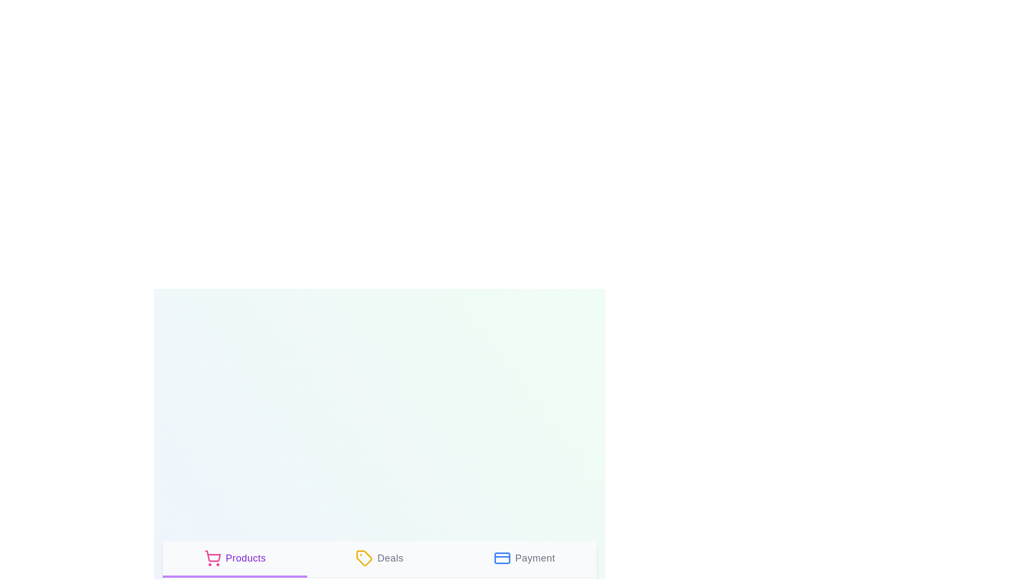 The height and width of the screenshot is (582, 1035). I want to click on the tab labeled Deals to view its description, so click(379, 558).